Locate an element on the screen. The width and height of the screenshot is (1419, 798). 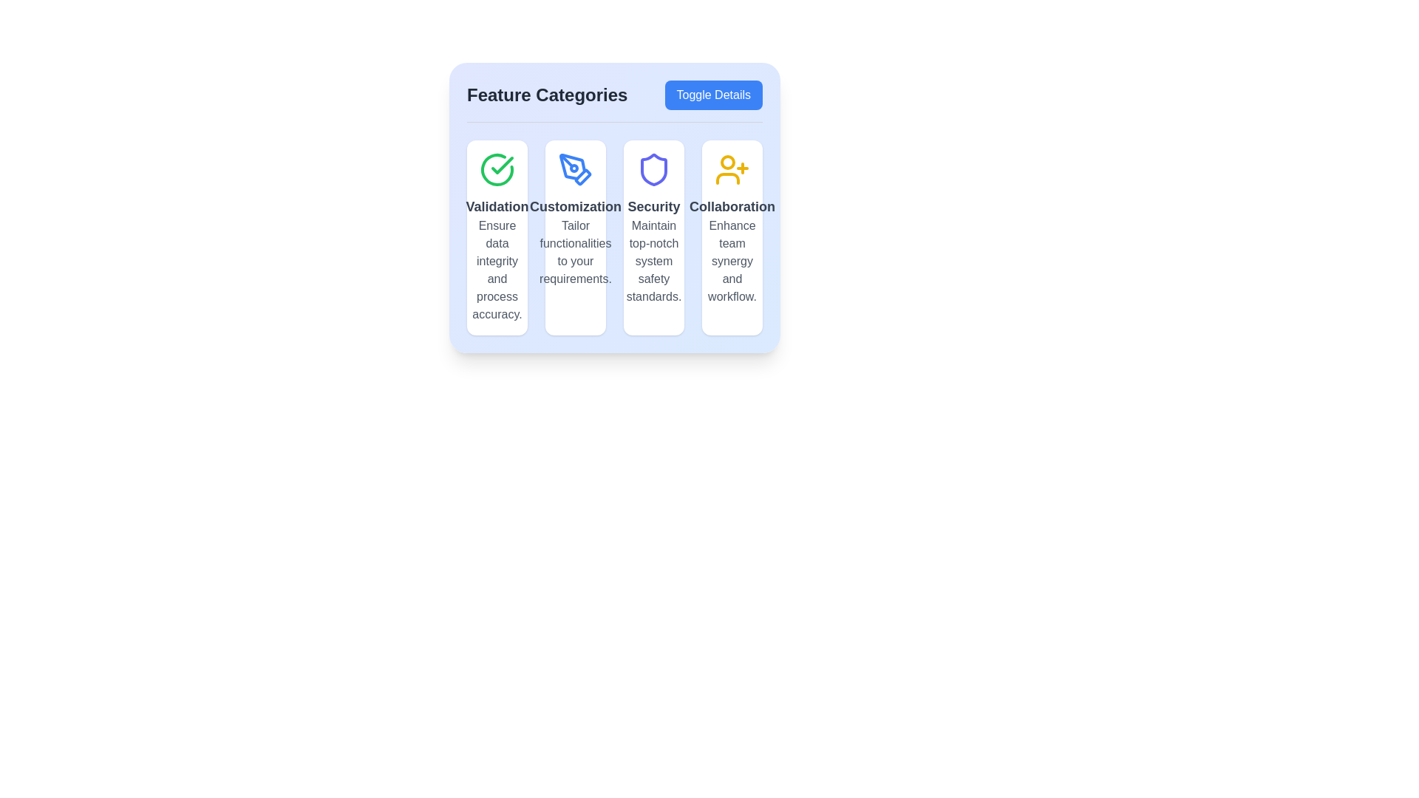
text label displaying 'Collaboration' which is the header of the fourth card in the 'Feature Categories' grid layout is located at coordinates (732, 207).